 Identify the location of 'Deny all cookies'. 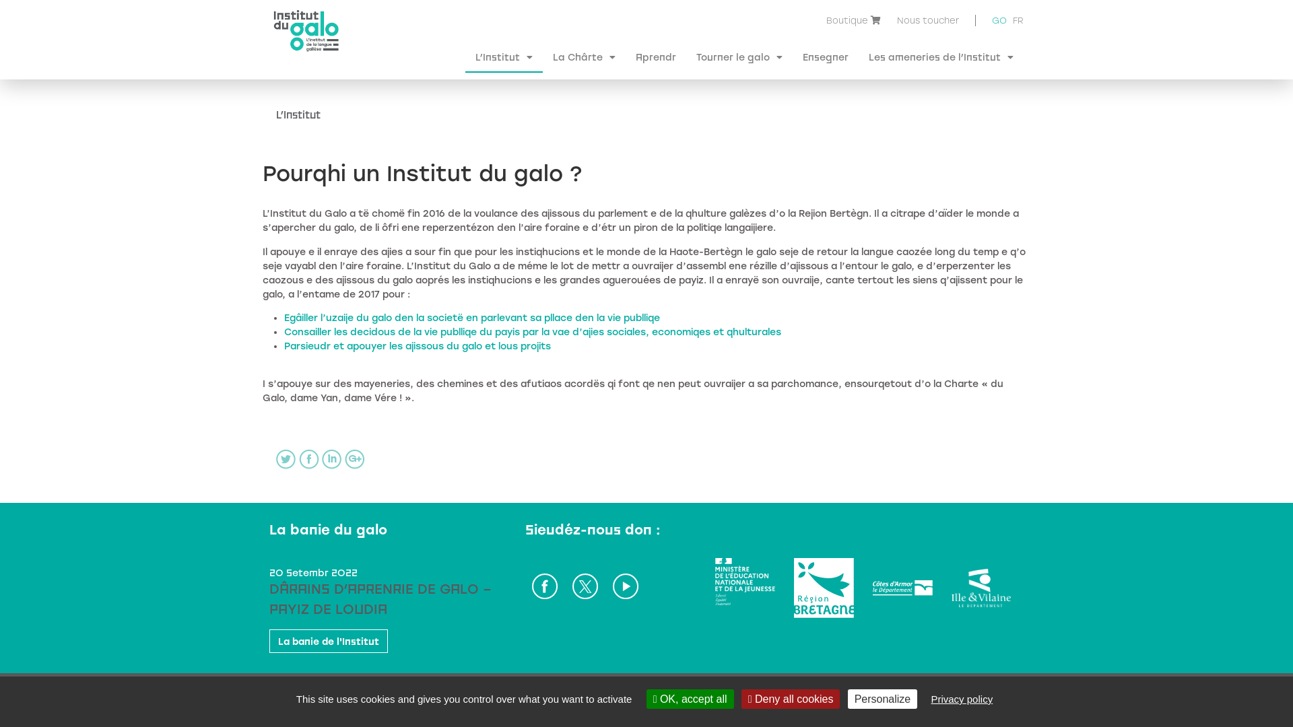
(740, 698).